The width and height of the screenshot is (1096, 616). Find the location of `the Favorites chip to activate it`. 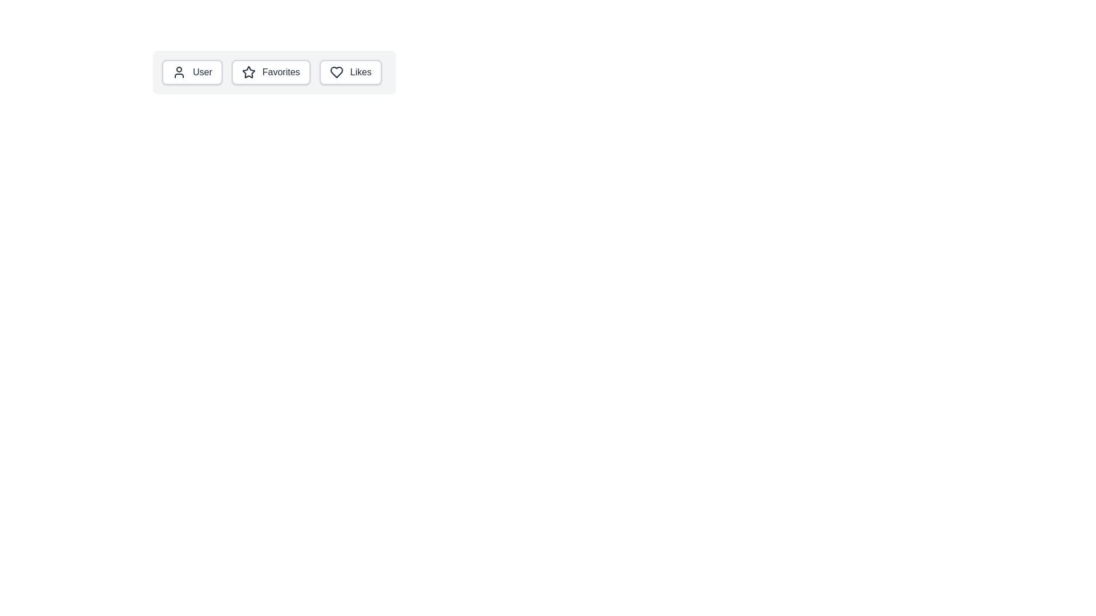

the Favorites chip to activate it is located at coordinates (270, 72).